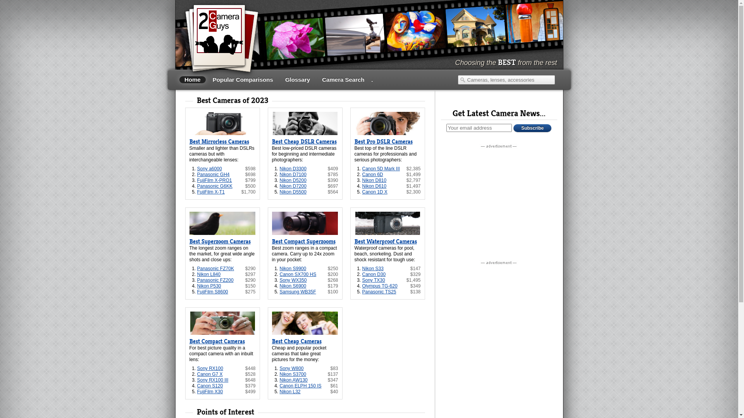 This screenshot has width=744, height=418. What do you see at coordinates (293, 186) in the screenshot?
I see `'Nikon D7200'` at bounding box center [293, 186].